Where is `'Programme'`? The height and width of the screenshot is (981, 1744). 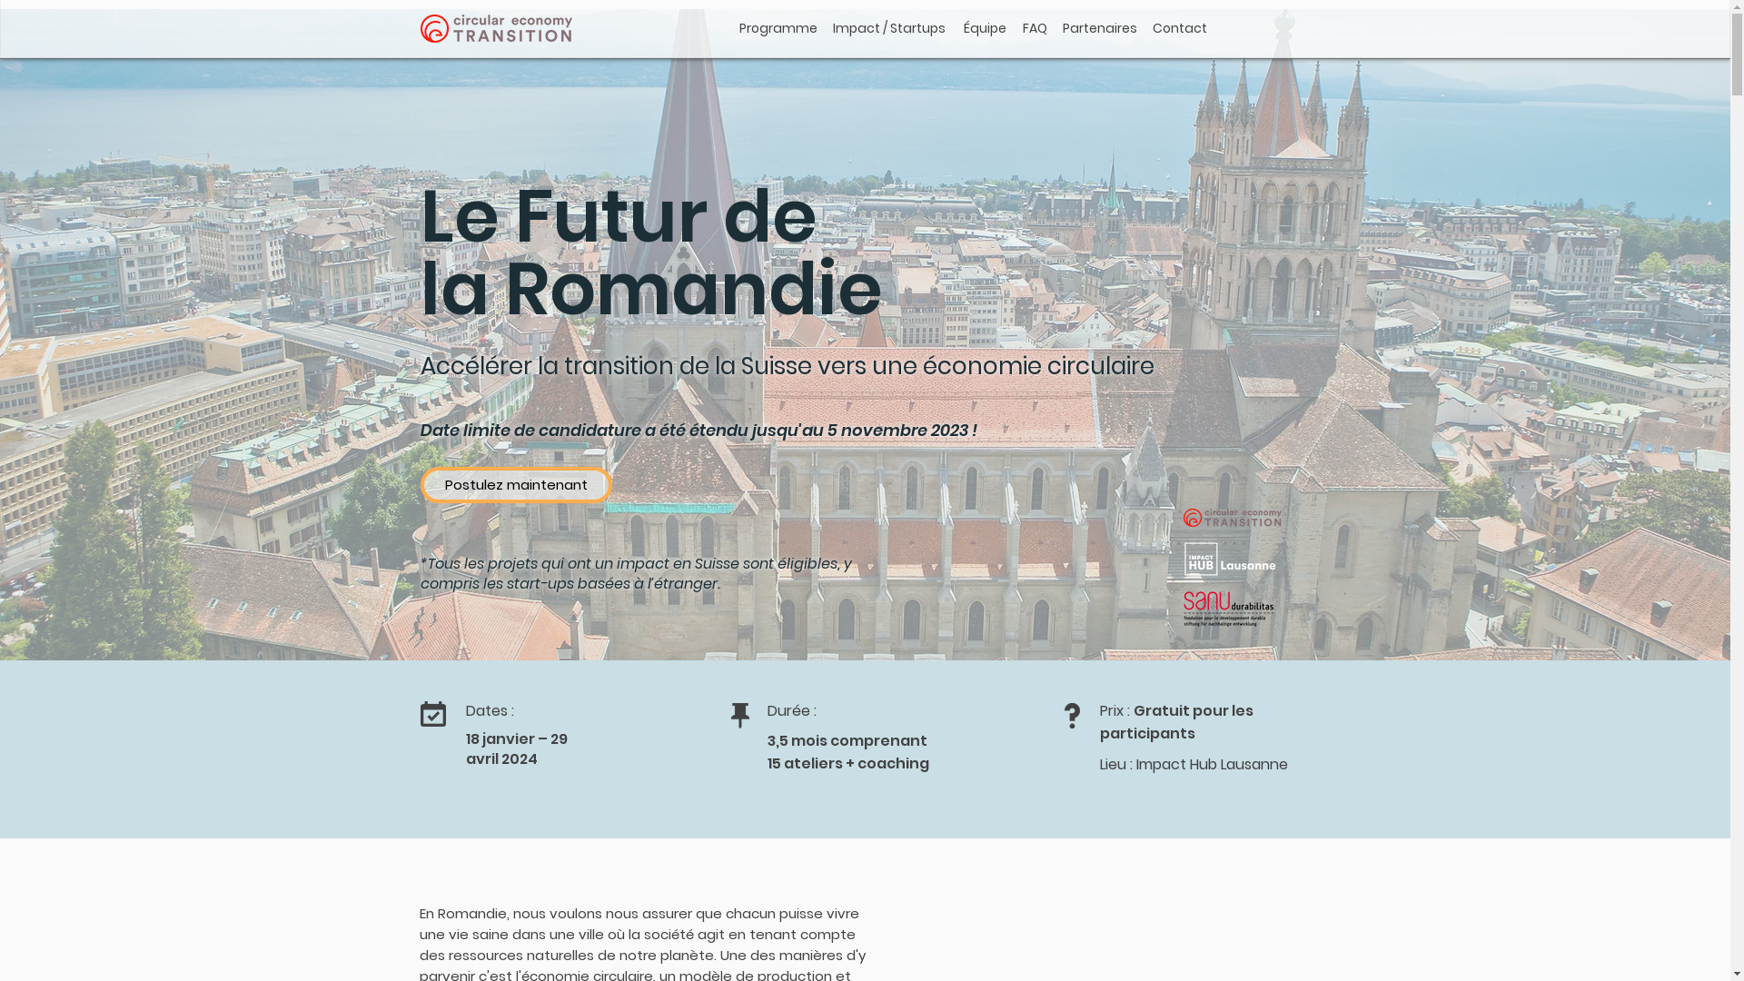 'Programme' is located at coordinates (778, 27).